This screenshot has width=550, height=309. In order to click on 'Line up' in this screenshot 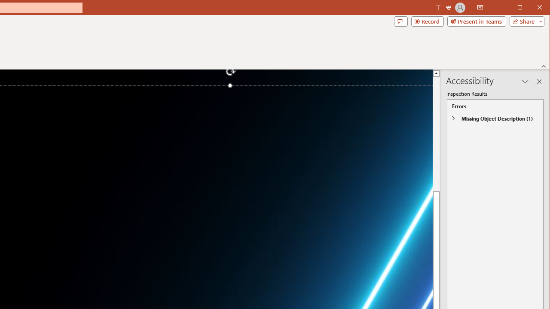, I will do `click(436, 73)`.